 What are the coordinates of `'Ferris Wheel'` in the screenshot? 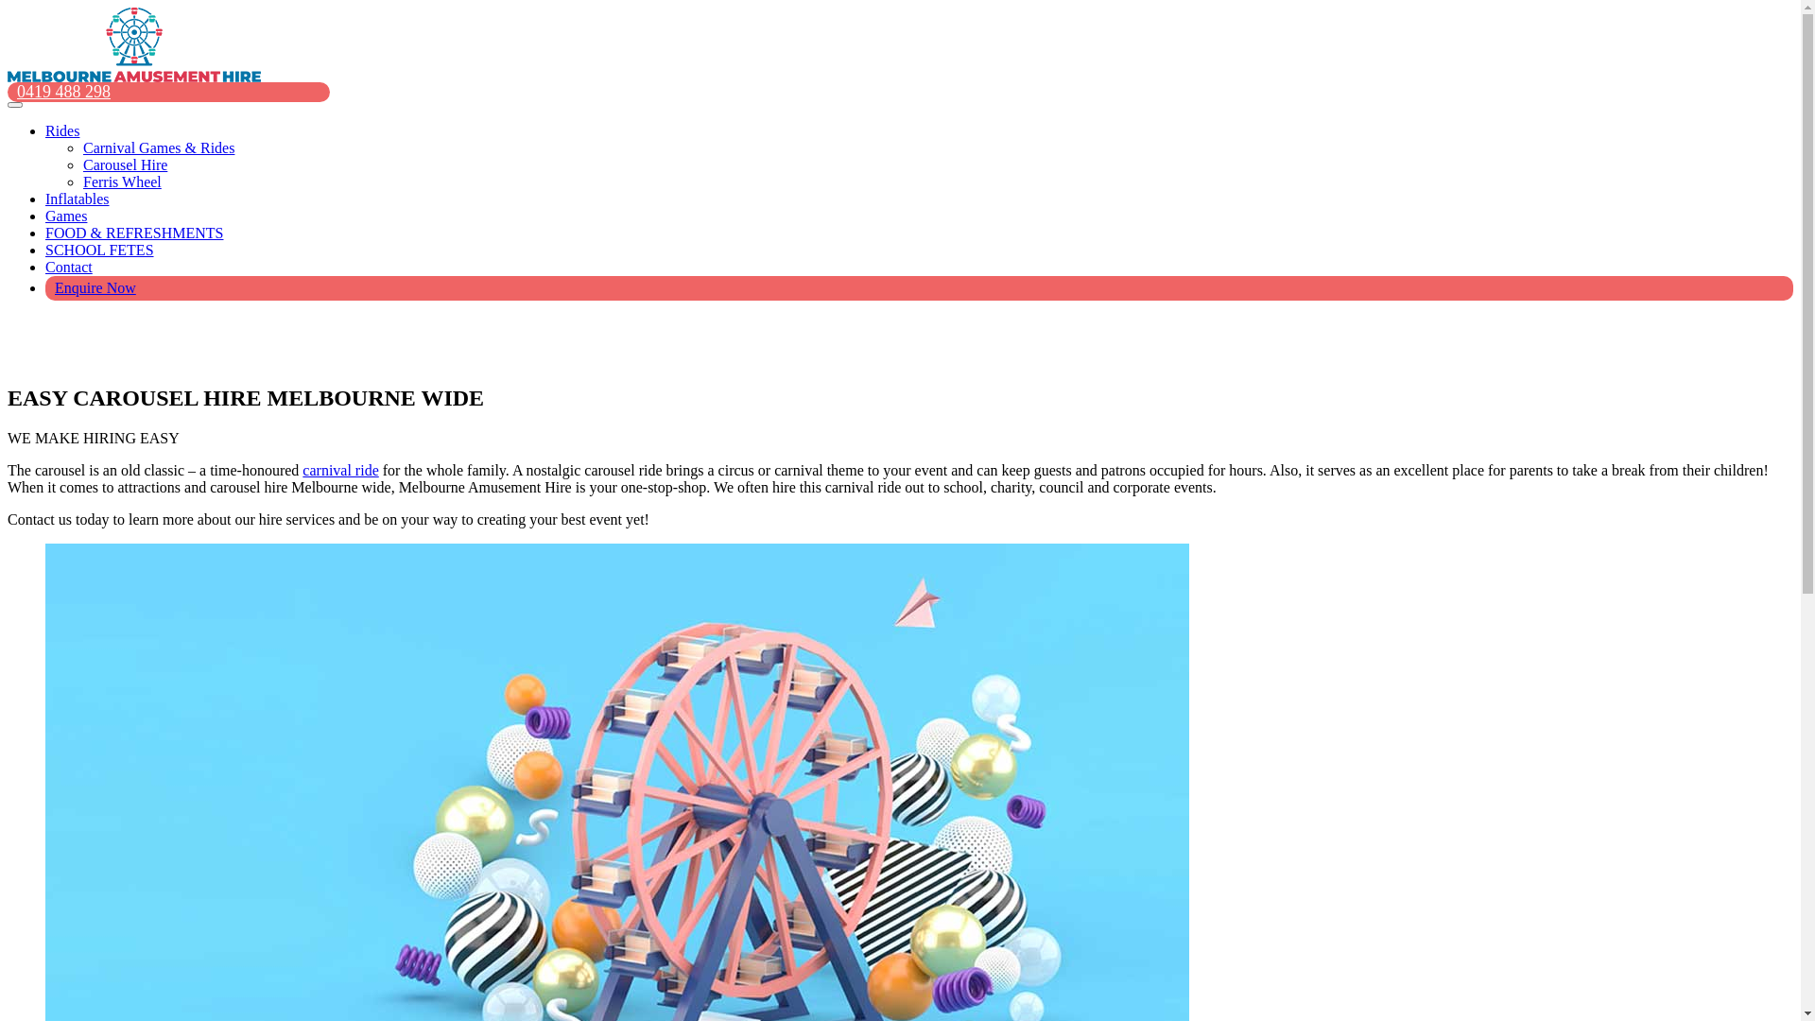 It's located at (81, 182).